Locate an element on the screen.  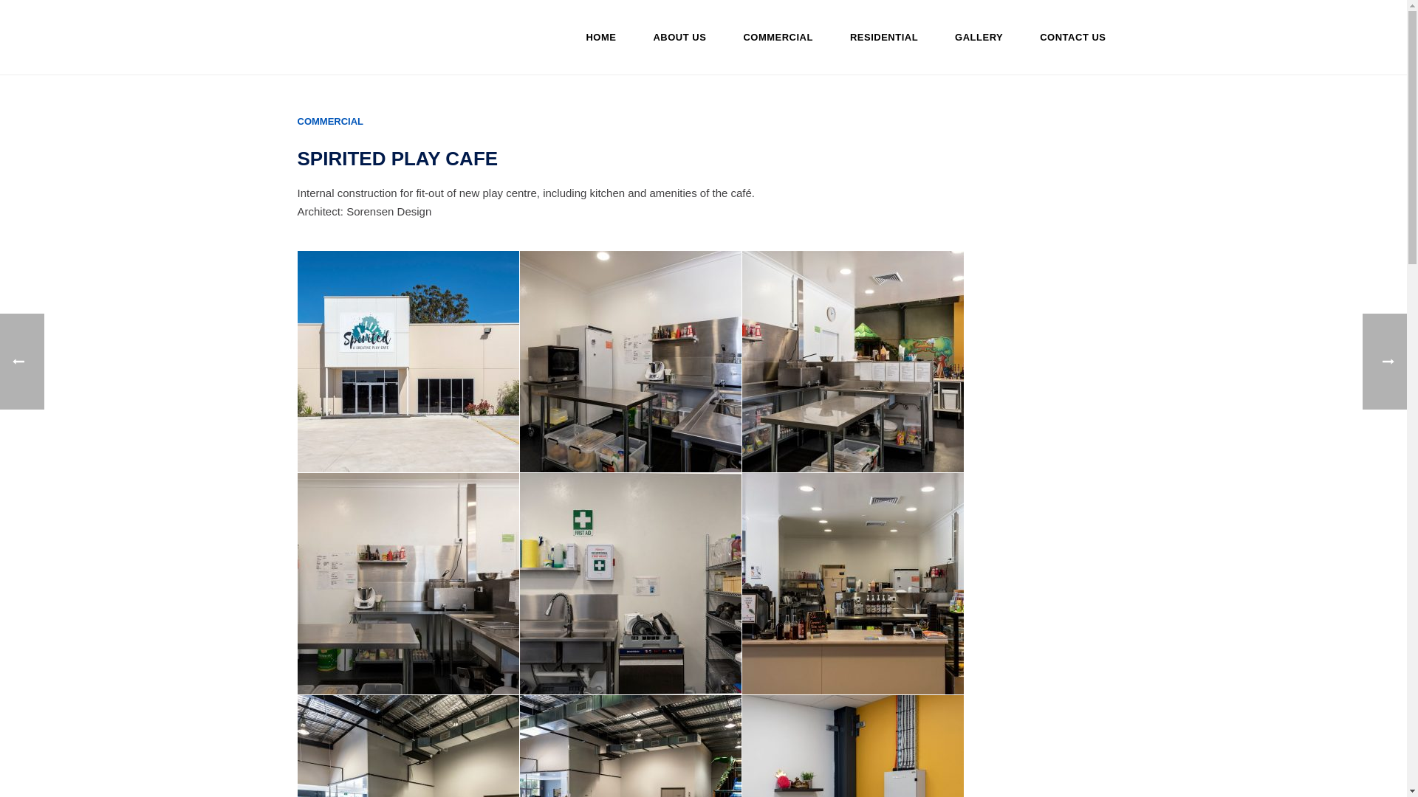
'CONTACT US' is located at coordinates (1072, 36).